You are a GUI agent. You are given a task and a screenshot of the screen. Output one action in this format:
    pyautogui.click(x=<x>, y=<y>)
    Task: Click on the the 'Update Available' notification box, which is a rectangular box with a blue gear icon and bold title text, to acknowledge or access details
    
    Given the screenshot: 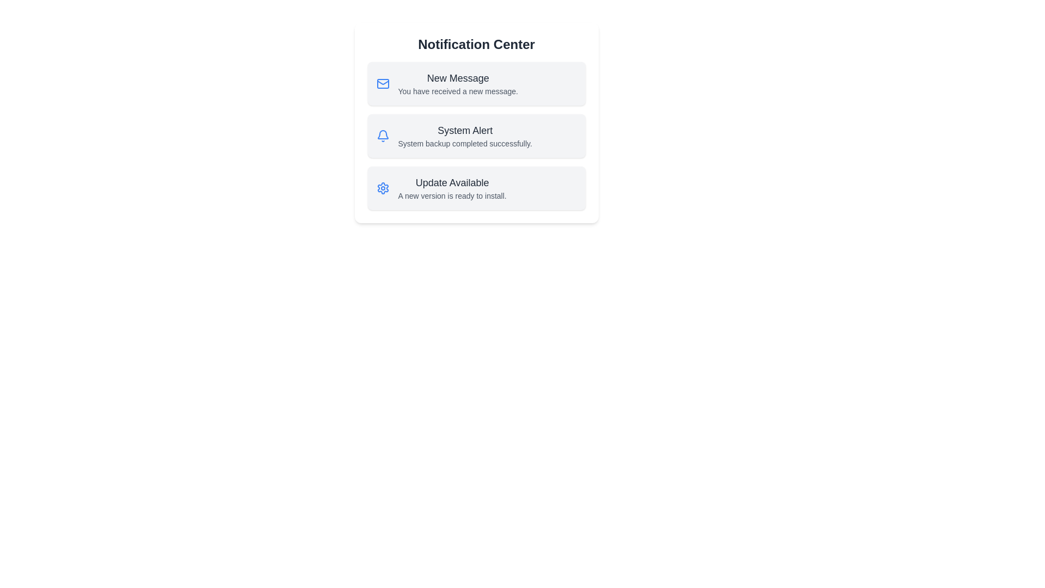 What is the action you would take?
    pyautogui.click(x=476, y=188)
    